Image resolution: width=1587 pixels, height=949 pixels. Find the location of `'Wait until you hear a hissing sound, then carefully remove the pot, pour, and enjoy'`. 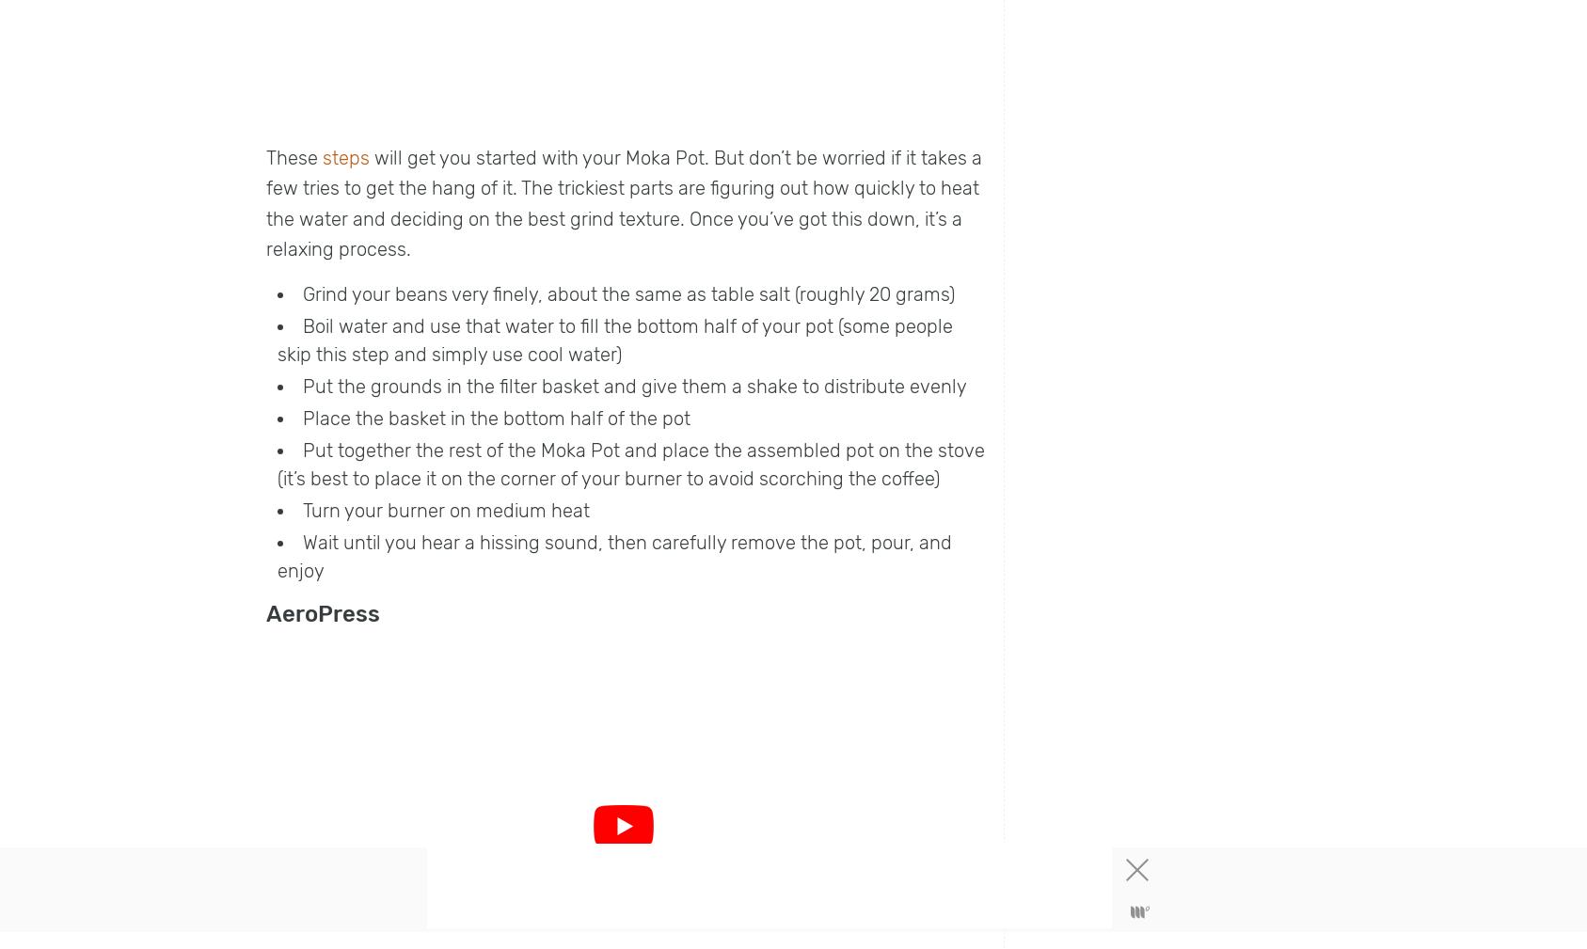

'Wait until you hear a hissing sound, then carefully remove the pot, pour, and enjoy' is located at coordinates (614, 555).